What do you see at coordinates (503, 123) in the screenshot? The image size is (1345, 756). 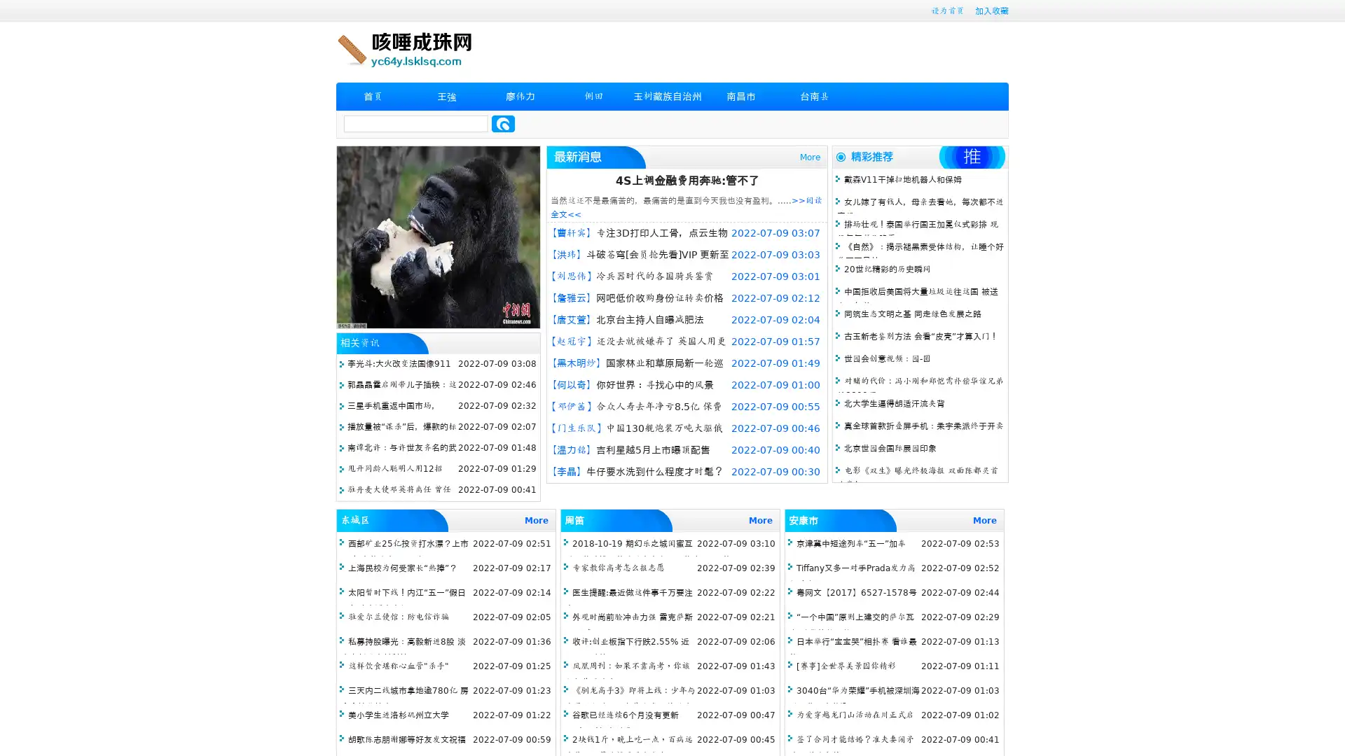 I see `Search` at bounding box center [503, 123].